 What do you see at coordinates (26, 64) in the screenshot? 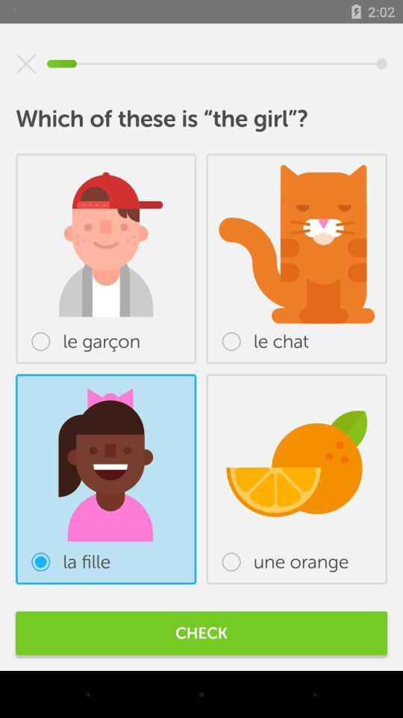
I see `the star icon` at bounding box center [26, 64].